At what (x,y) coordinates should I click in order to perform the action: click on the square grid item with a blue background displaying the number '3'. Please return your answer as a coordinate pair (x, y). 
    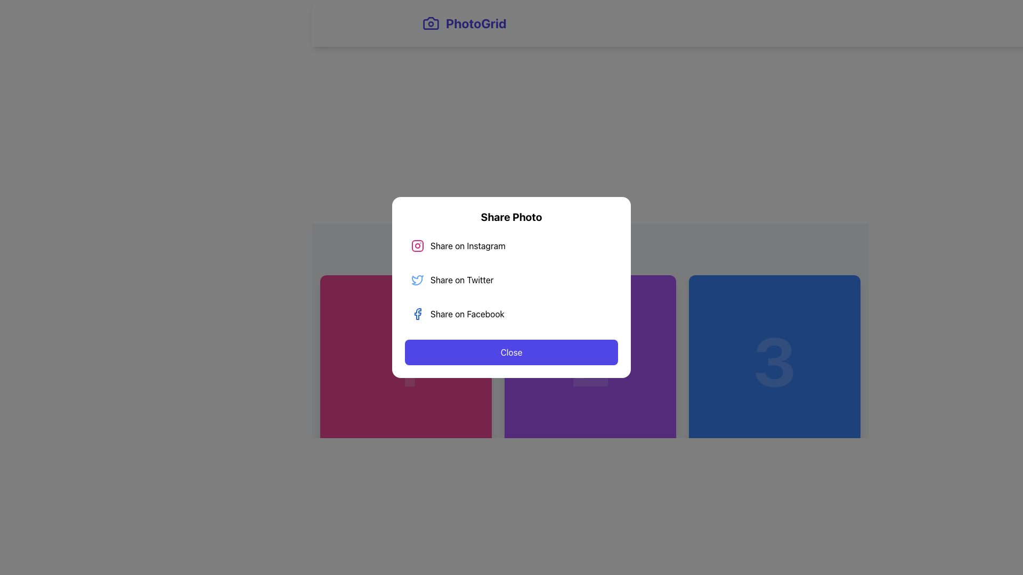
    Looking at the image, I should click on (775, 360).